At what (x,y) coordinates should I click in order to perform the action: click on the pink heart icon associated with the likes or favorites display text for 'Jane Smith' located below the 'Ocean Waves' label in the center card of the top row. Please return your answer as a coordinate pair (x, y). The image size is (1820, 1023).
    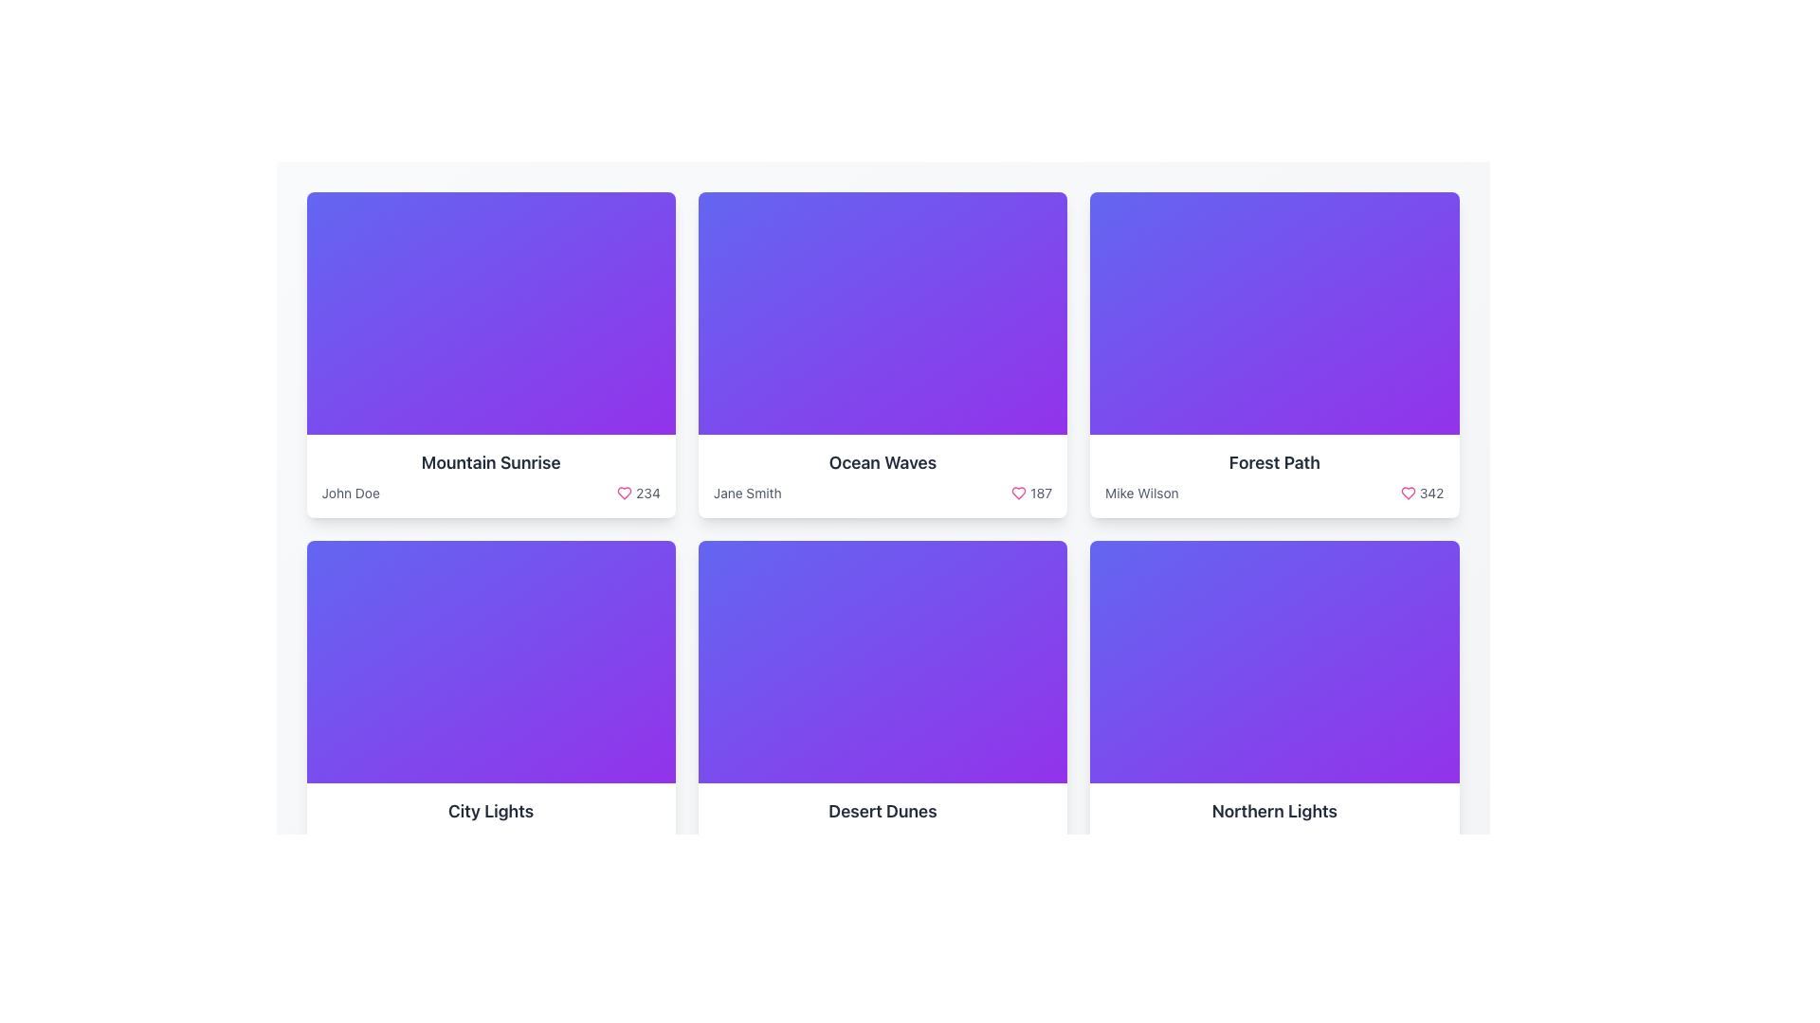
    Looking at the image, I should click on (882, 492).